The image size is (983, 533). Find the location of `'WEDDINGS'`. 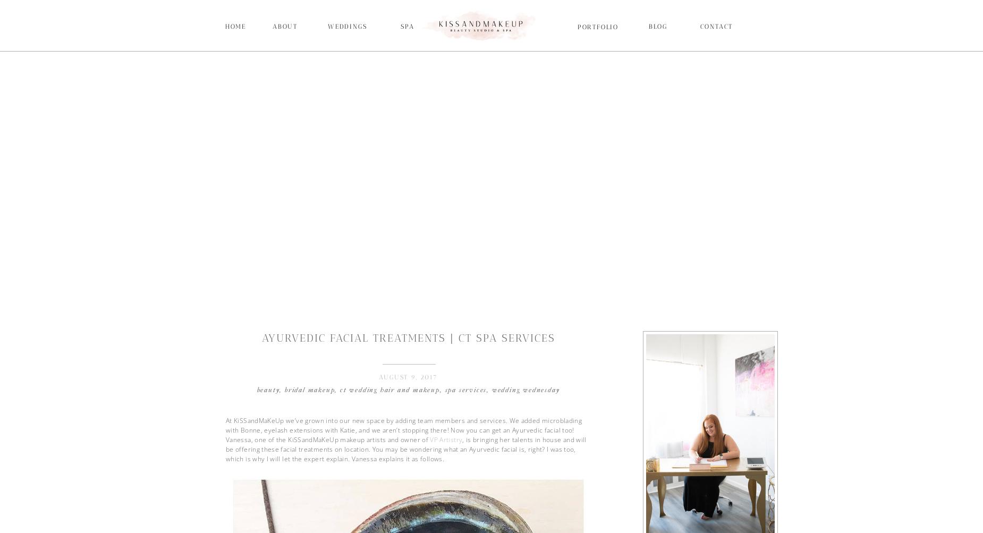

'WEDDINGS' is located at coordinates (347, 27).